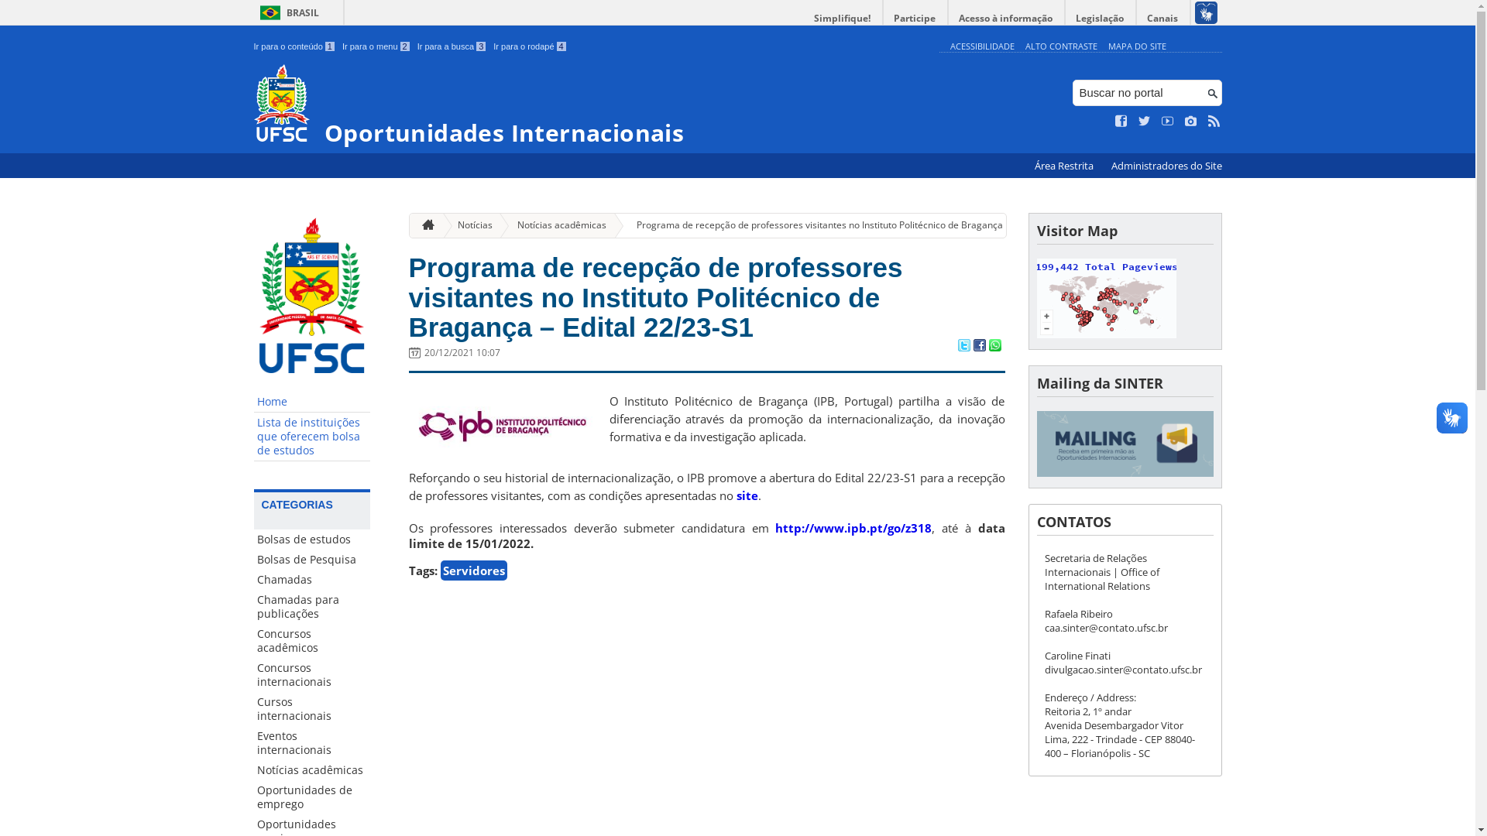 This screenshot has width=1487, height=836. Describe the element at coordinates (1166, 166) in the screenshot. I see `'Administradores do Site'` at that location.